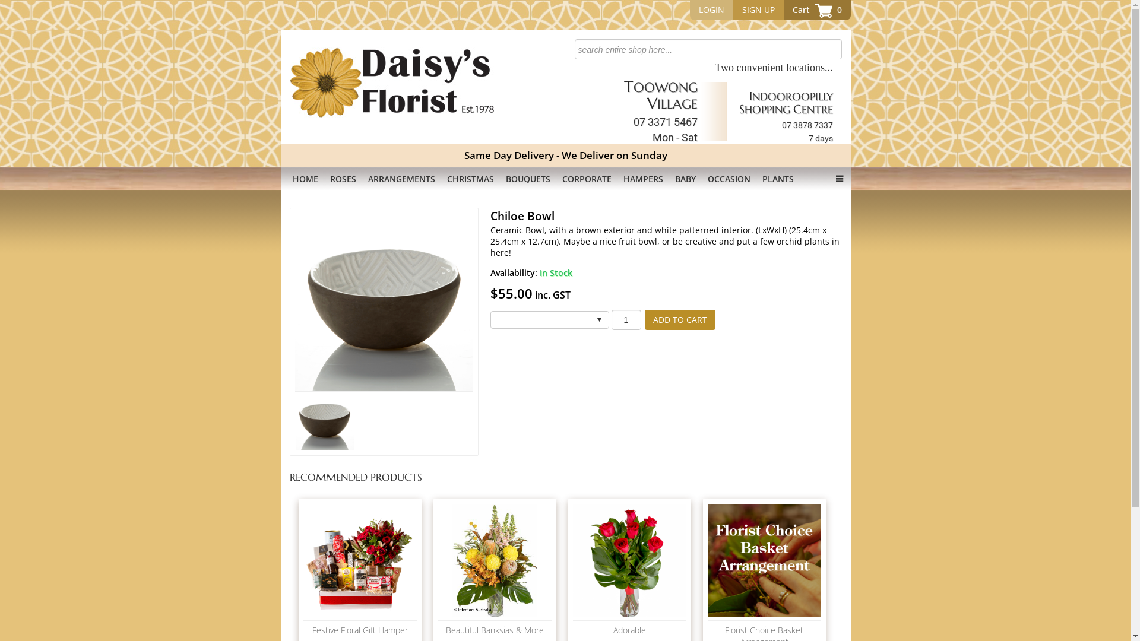  I want to click on 'ARRANGEMENTS', so click(361, 179).